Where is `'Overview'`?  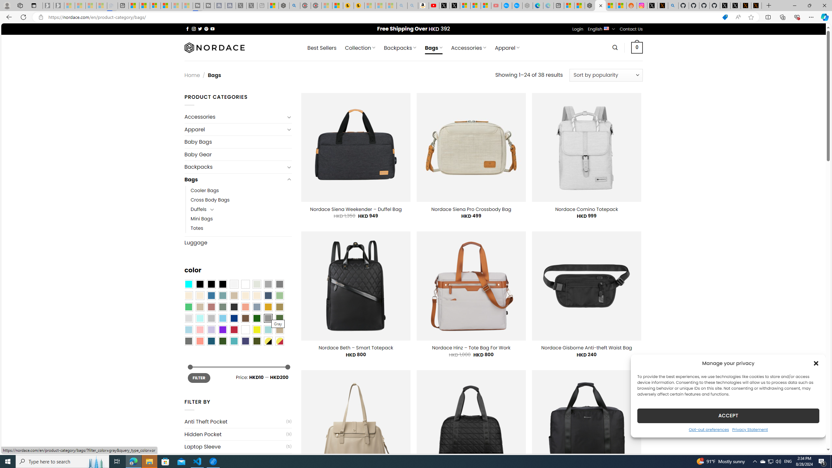
'Overview' is located at coordinates (155, 5).